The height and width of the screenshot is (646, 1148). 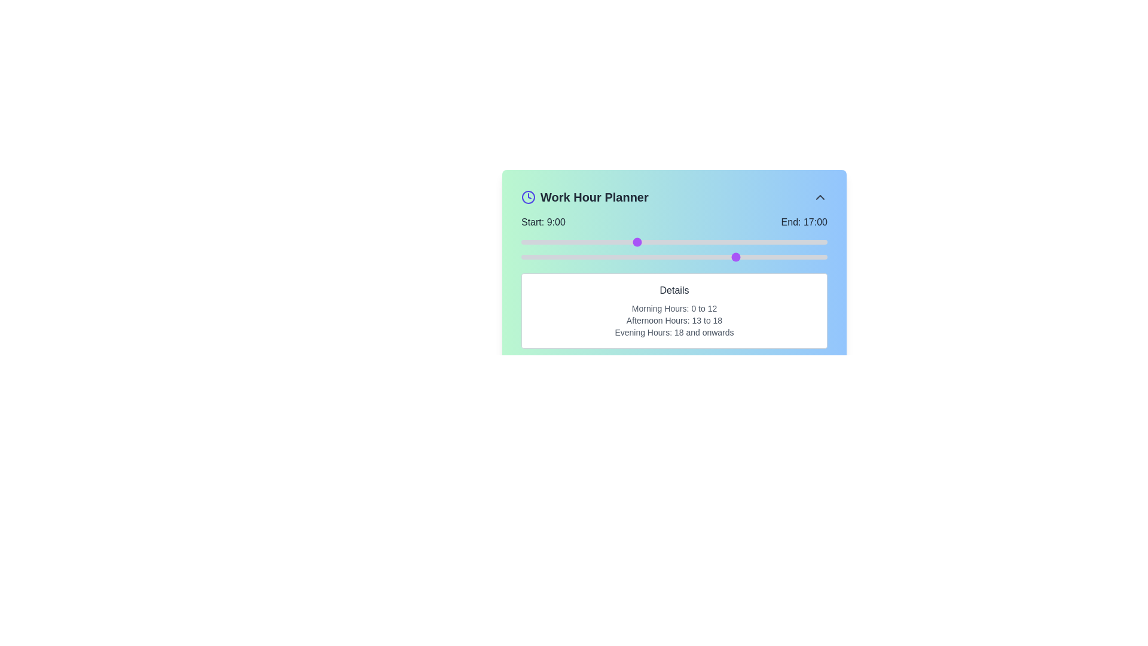 I want to click on the end time slider to 18 hours, so click(x=750, y=256).